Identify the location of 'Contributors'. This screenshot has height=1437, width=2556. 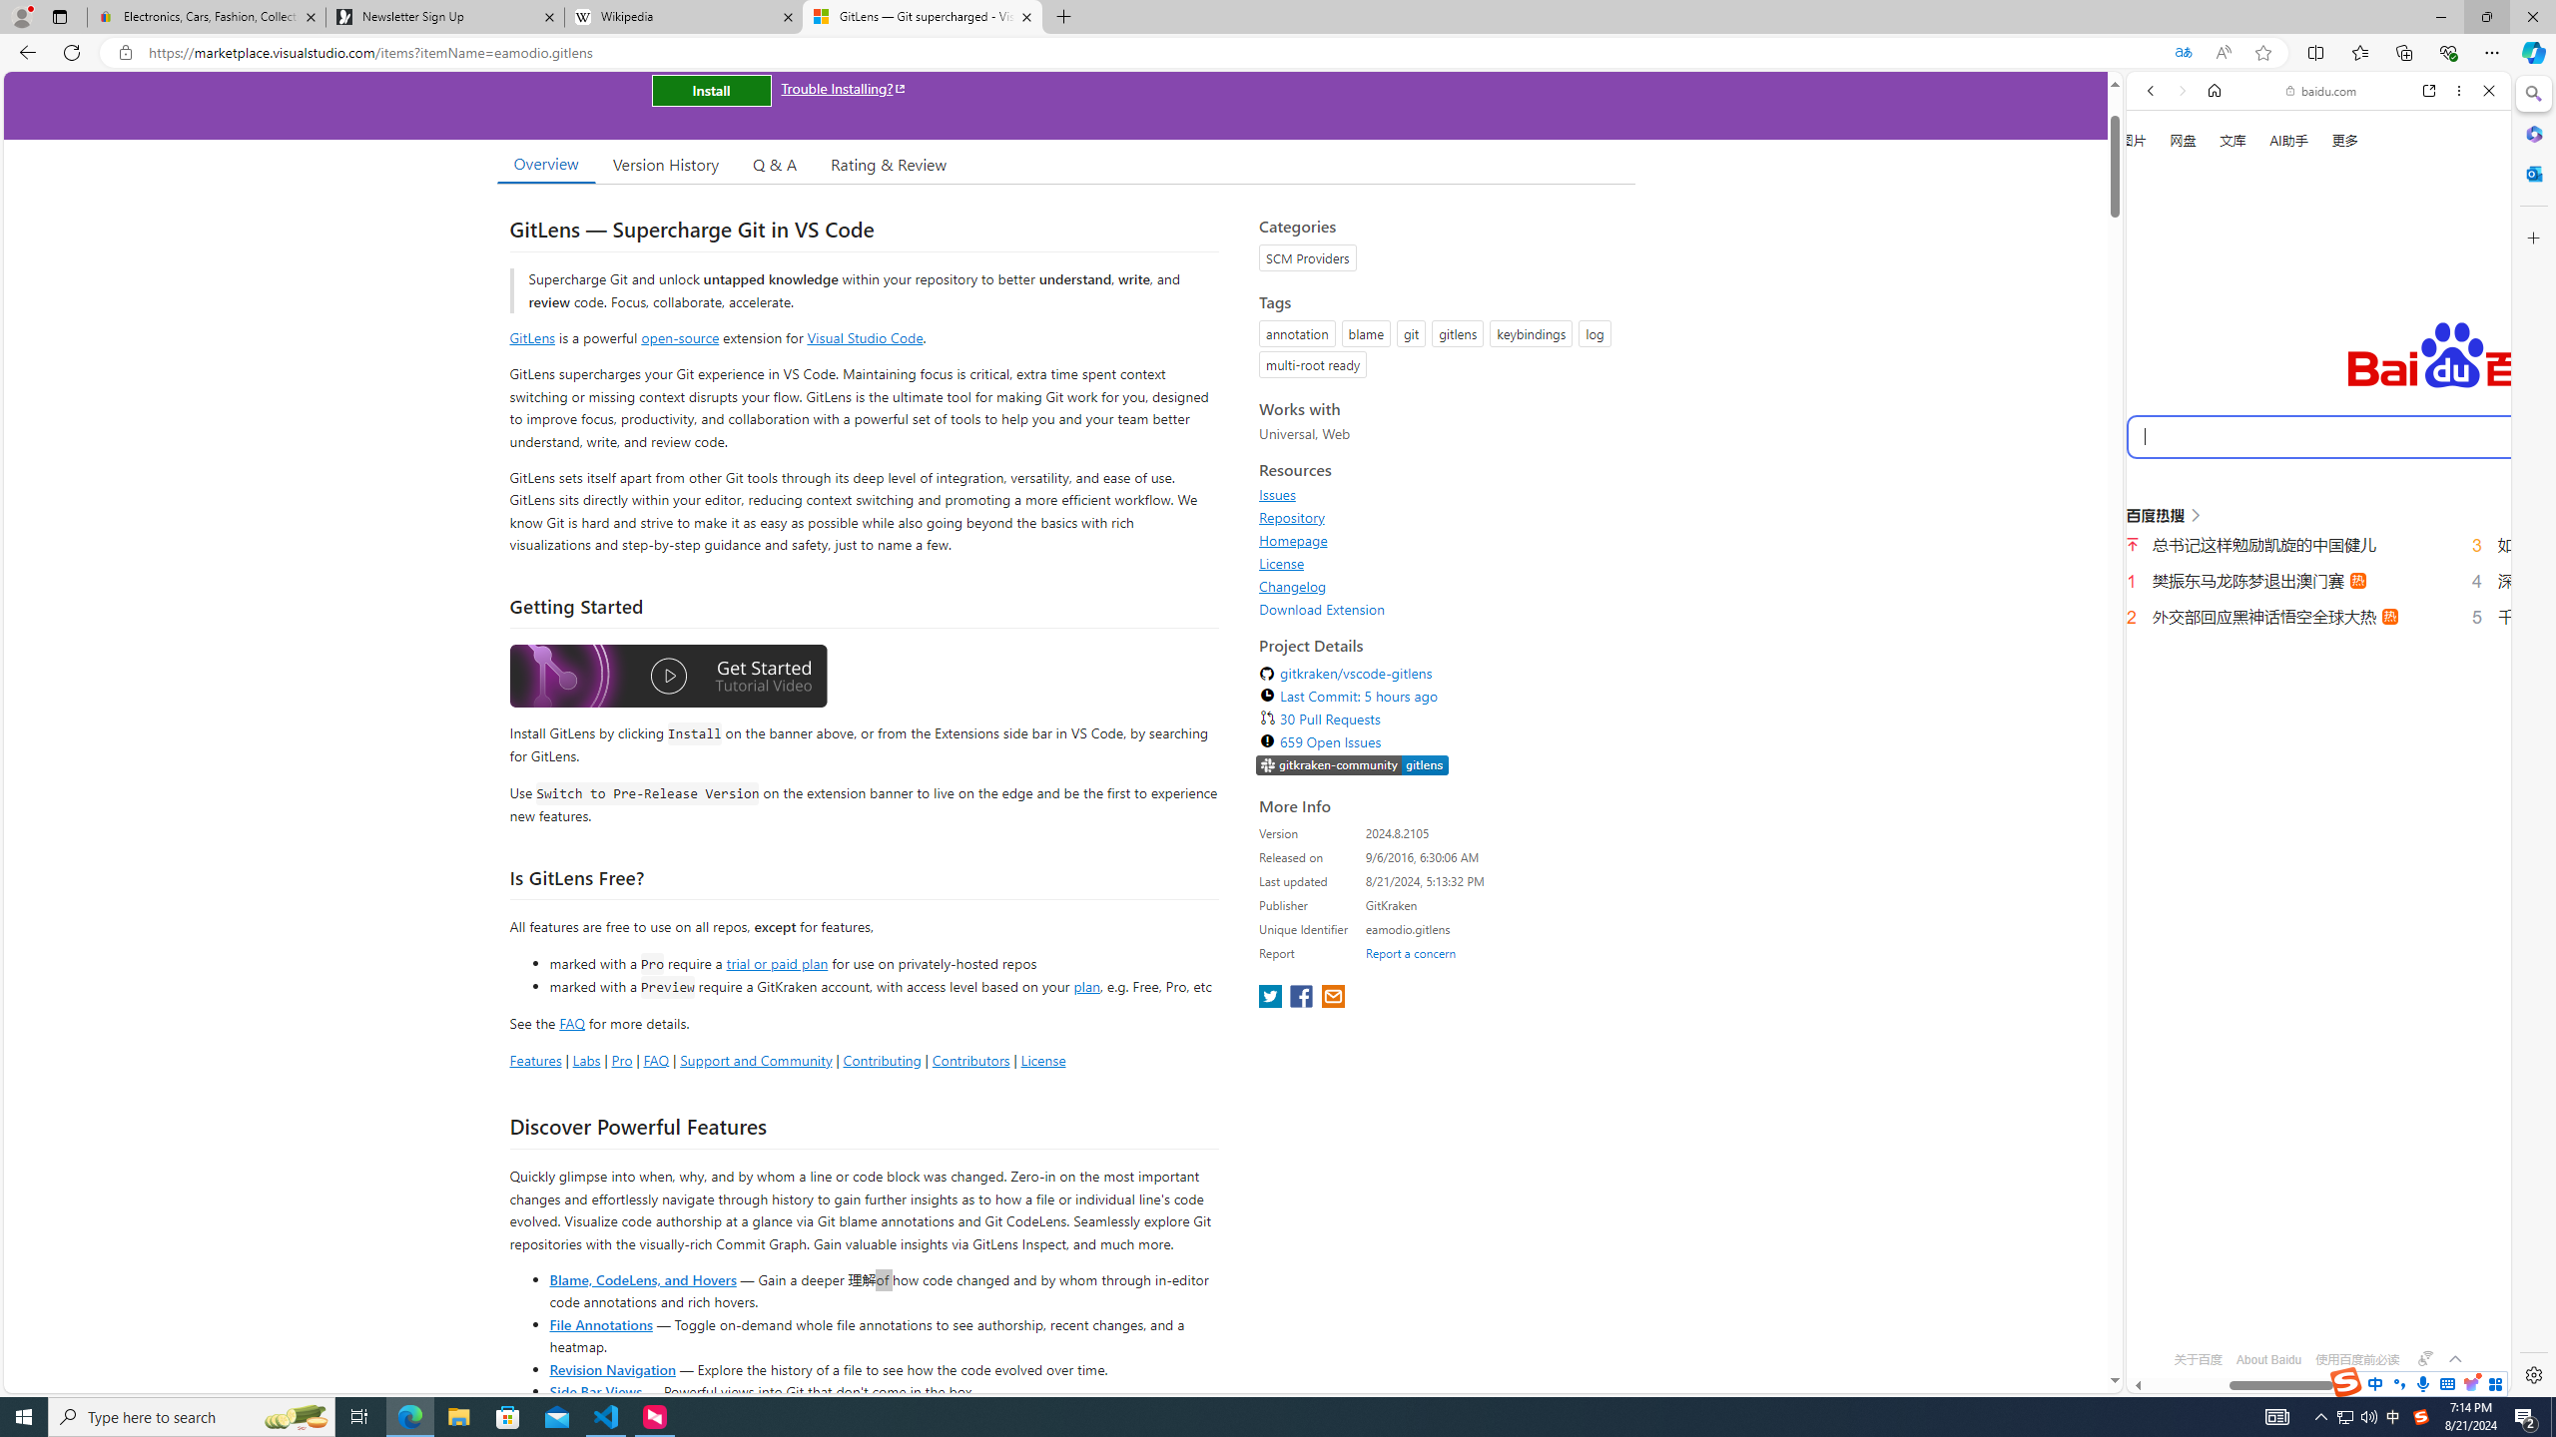
(968, 1059).